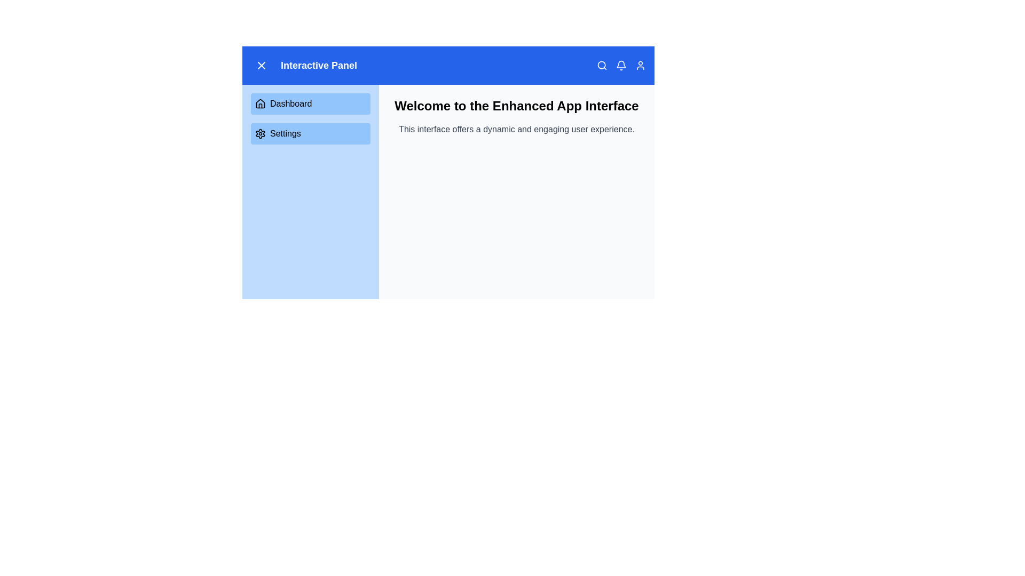 This screenshot has height=576, width=1025. What do you see at coordinates (621, 66) in the screenshot?
I see `the notification indicator icon located in the top-right segment of the application header` at bounding box center [621, 66].